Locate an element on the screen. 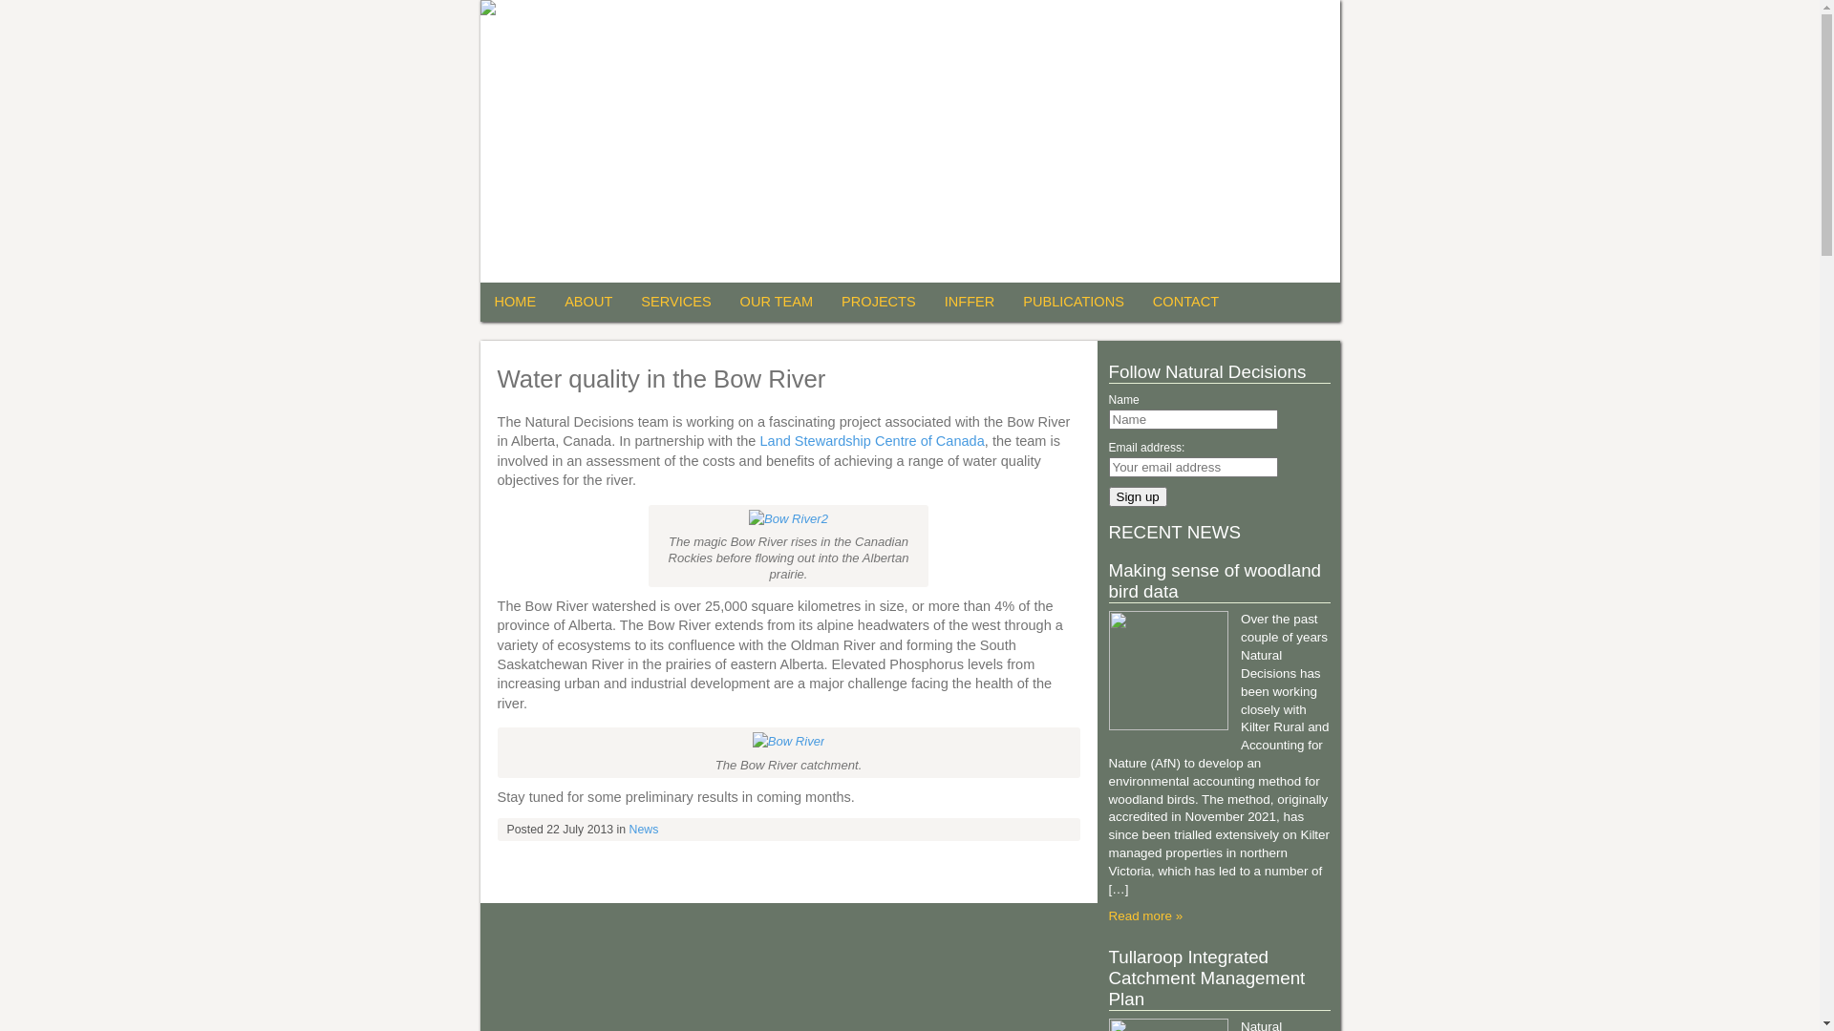  'Tullaroop Integrated Catchment Management Plan' is located at coordinates (1205, 978).